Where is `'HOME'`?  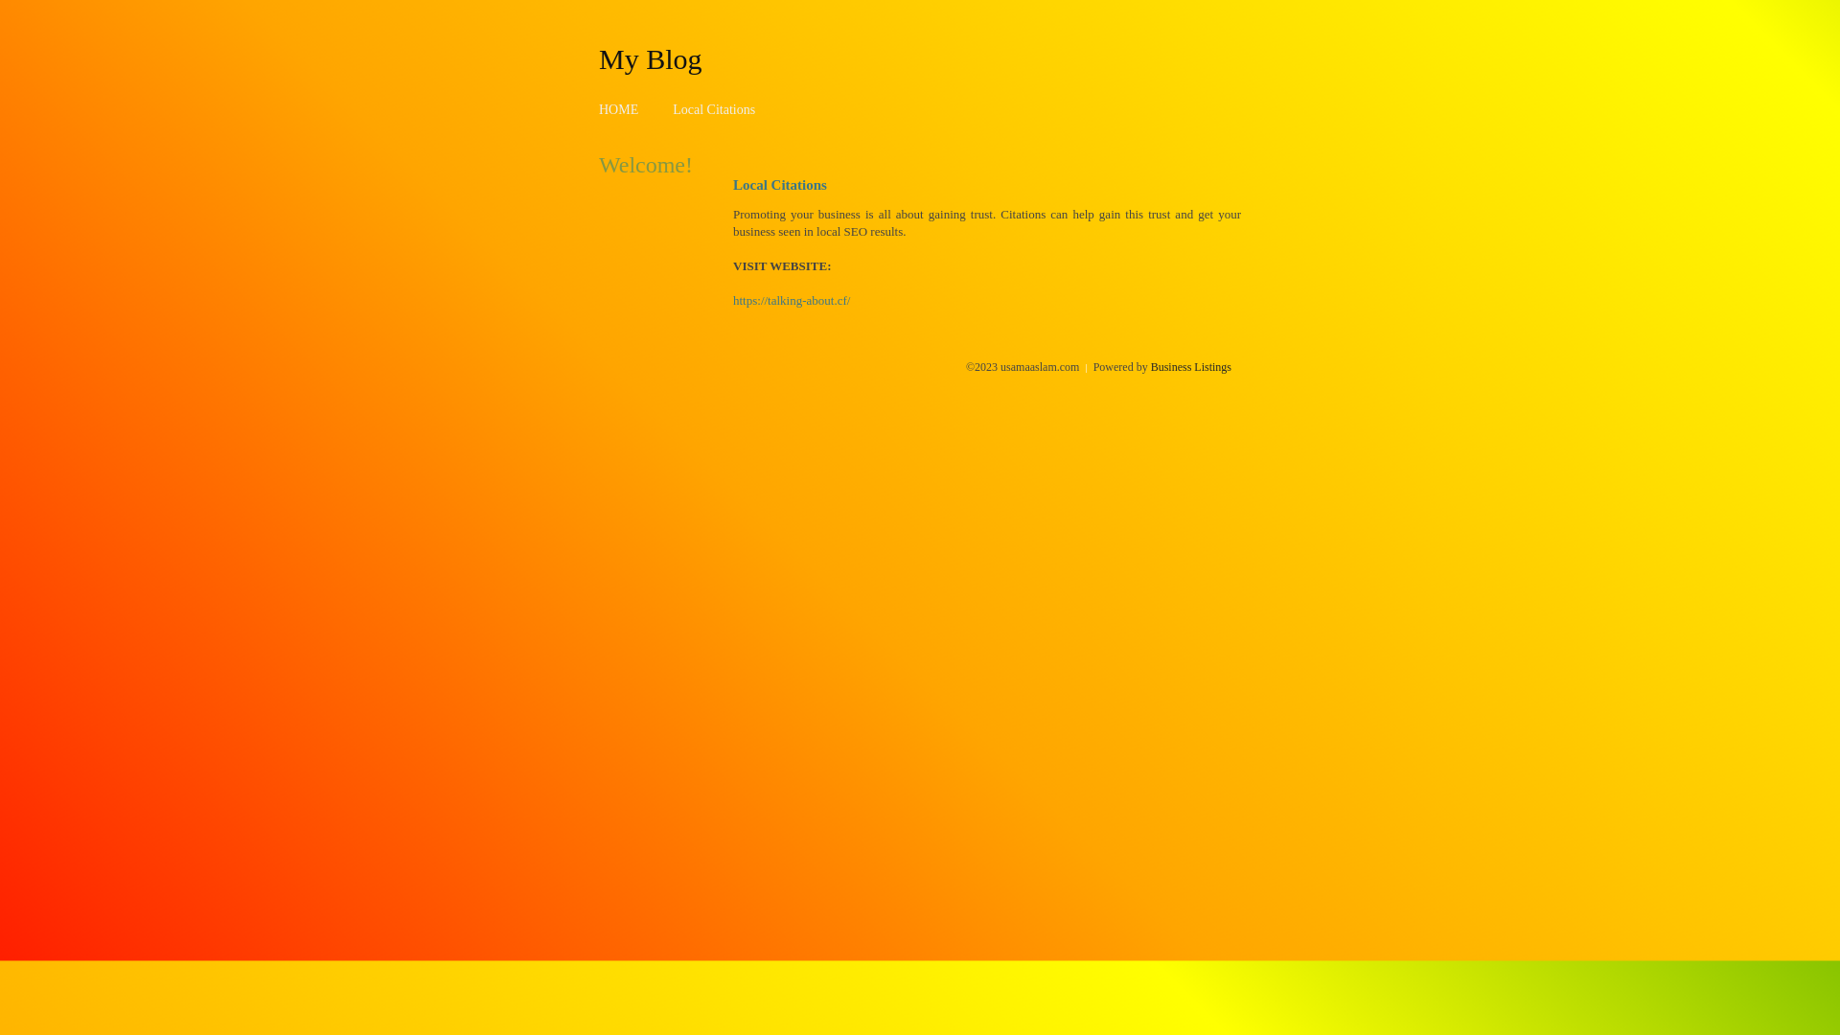 'HOME' is located at coordinates (618, 109).